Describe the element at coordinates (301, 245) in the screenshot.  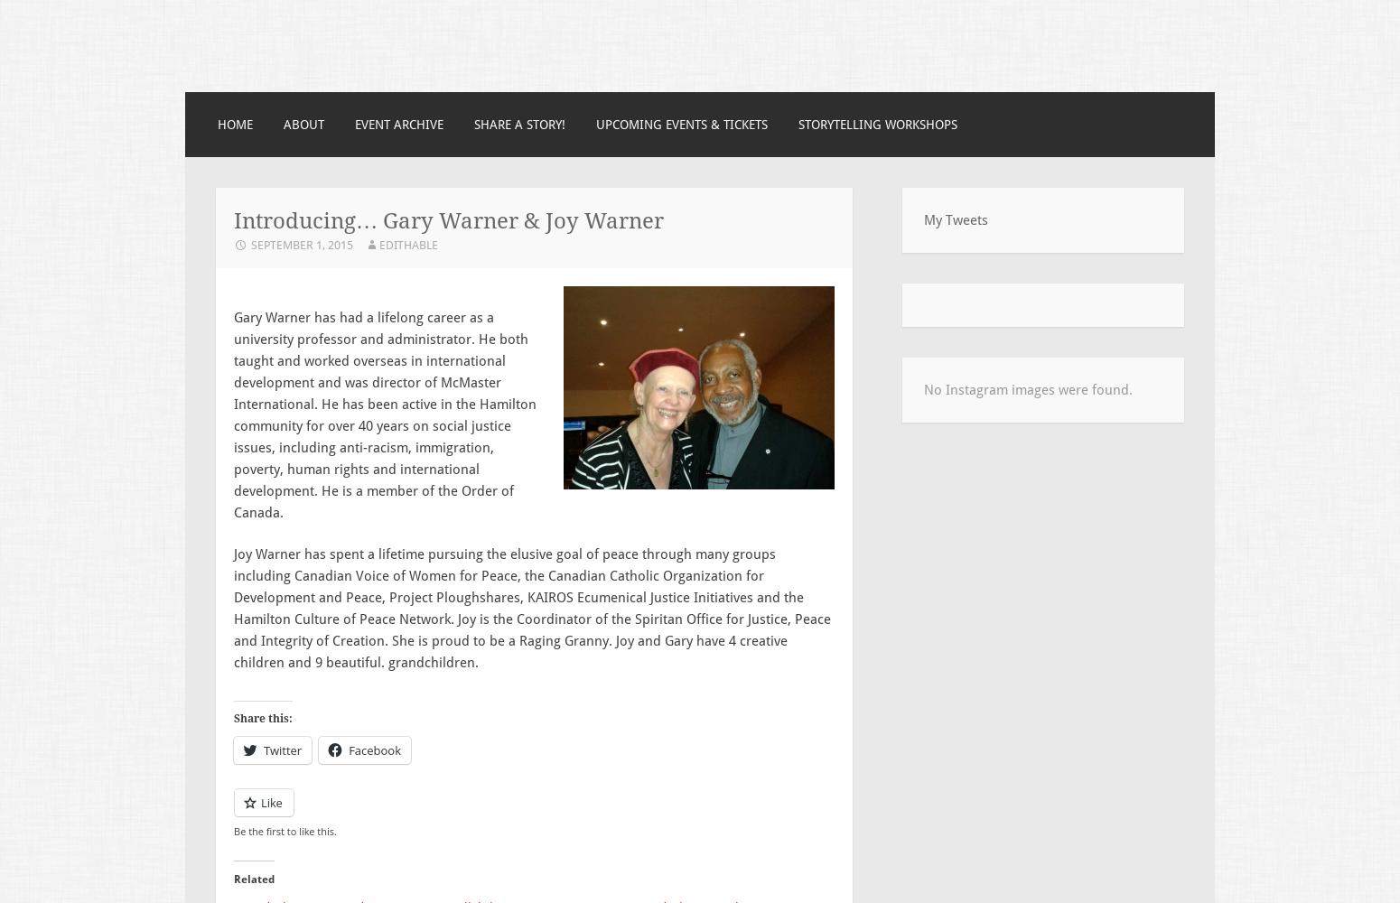
I see `'September 1, 2015'` at that location.